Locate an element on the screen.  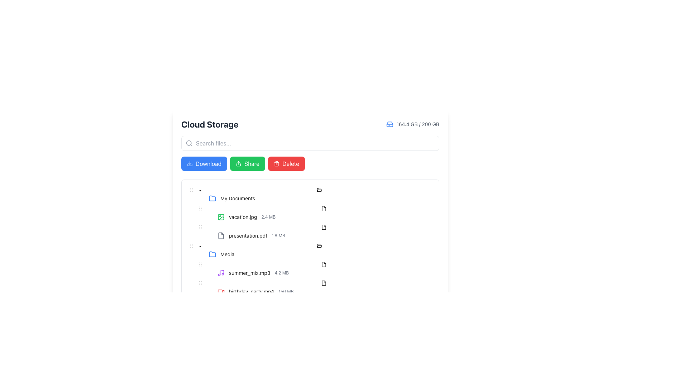
the decorative search icon located at the left end of the search bar, which indicates the search functionality in the interface is located at coordinates (189, 143).